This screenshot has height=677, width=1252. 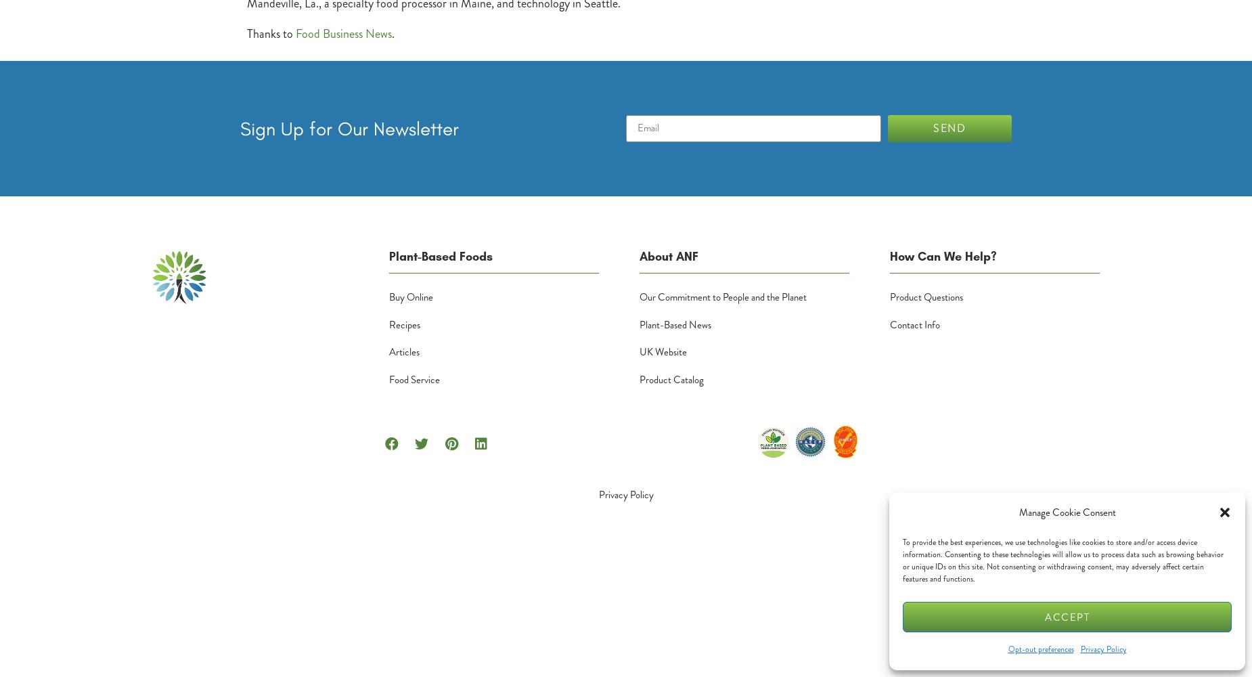 What do you see at coordinates (411, 297) in the screenshot?
I see `'Buy Online'` at bounding box center [411, 297].